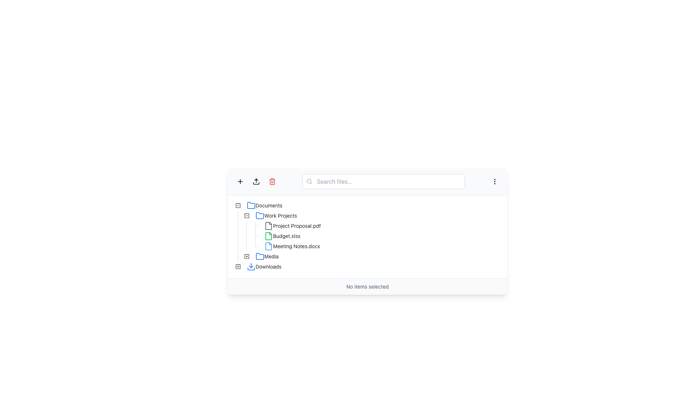  What do you see at coordinates (257, 256) in the screenshot?
I see `the 'Media' folder in the Tree item structure` at bounding box center [257, 256].